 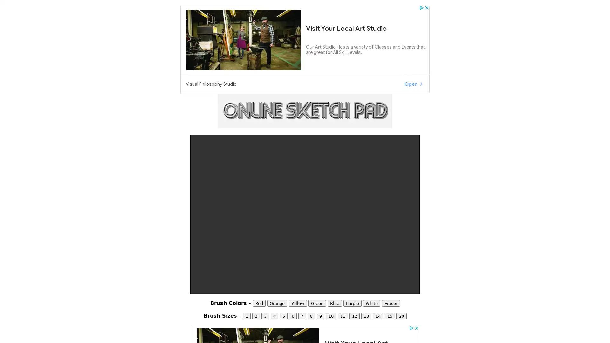 What do you see at coordinates (277, 303) in the screenshot?
I see `Orange` at bounding box center [277, 303].